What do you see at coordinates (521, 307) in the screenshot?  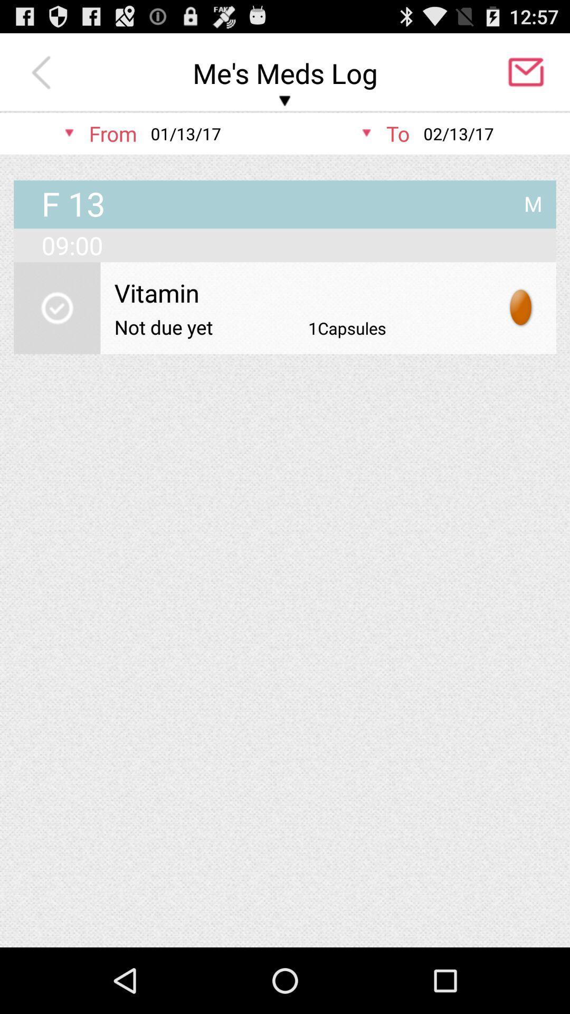 I see `the item next to the vitamin item` at bounding box center [521, 307].